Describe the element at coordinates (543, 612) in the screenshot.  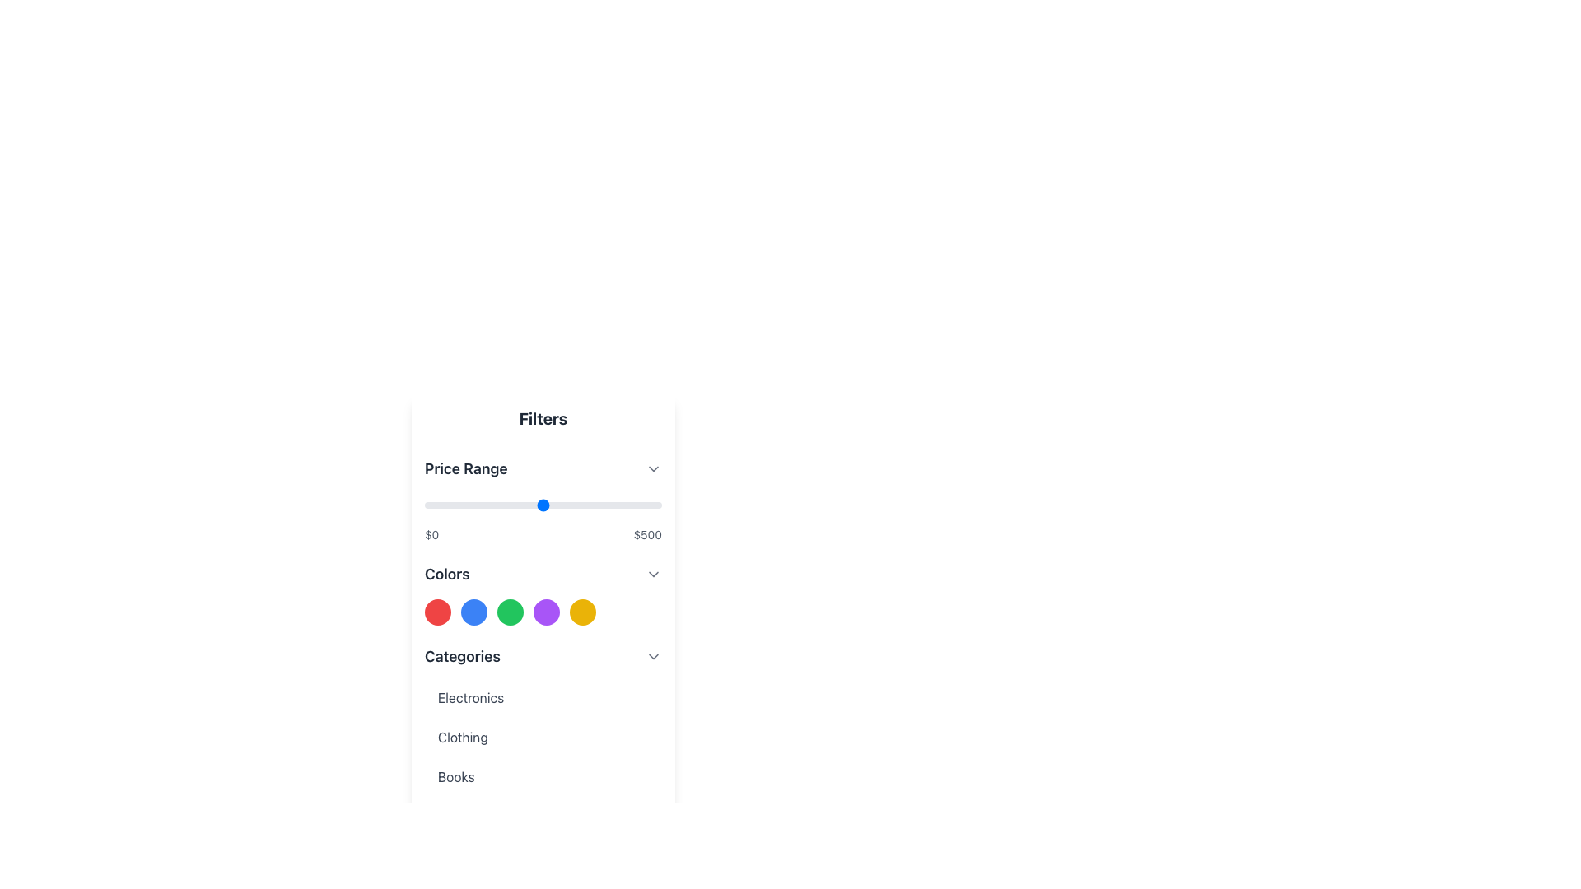
I see `keyboard navigation` at that location.